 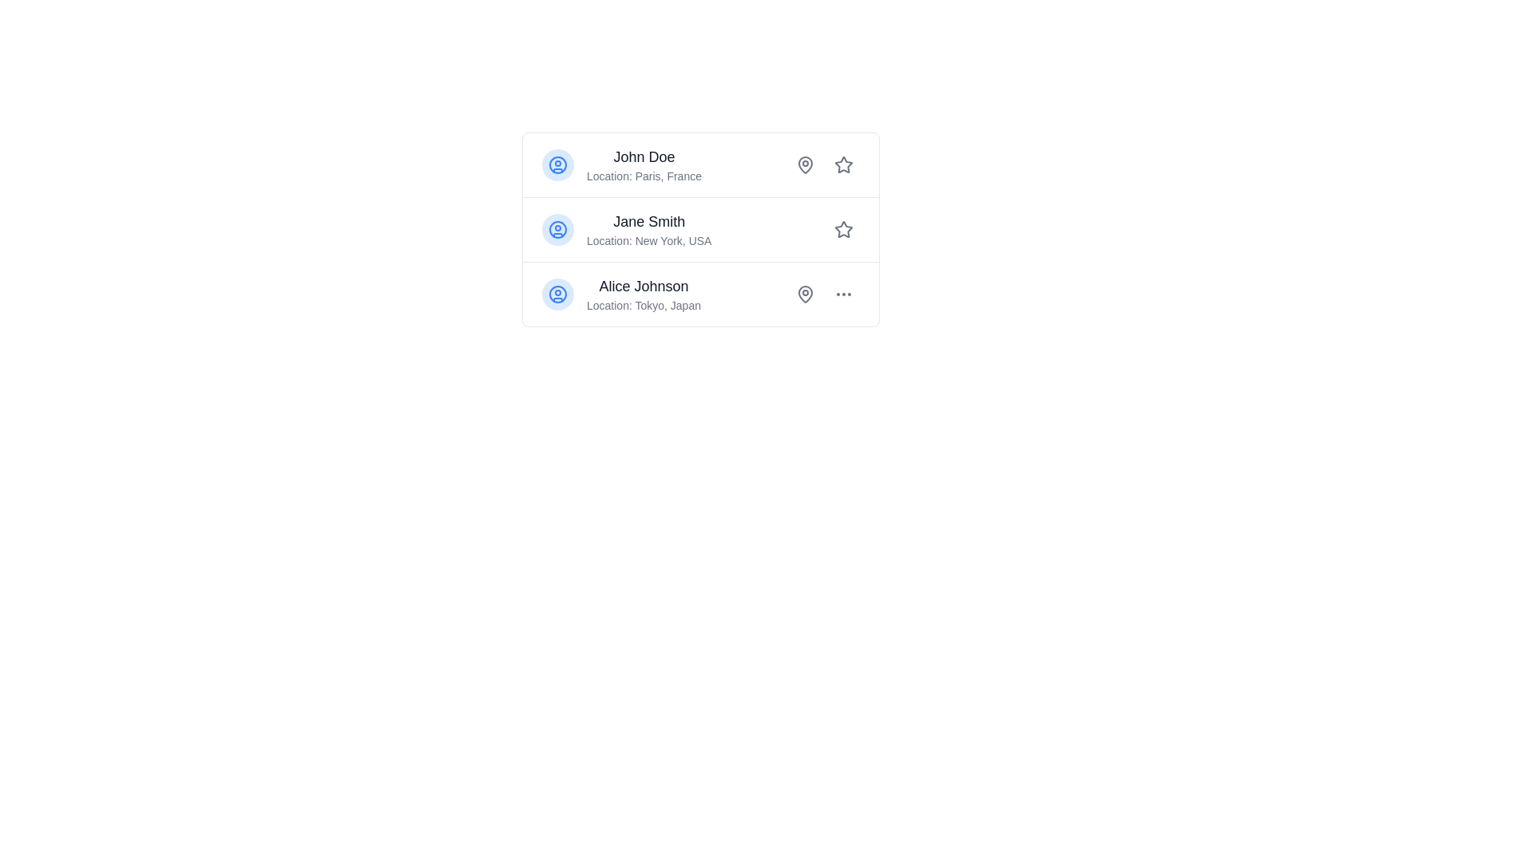 What do you see at coordinates (558, 165) in the screenshot?
I see `the circular shape in the user profile icon for 'John Doe' located at the top-left section of the user information card` at bounding box center [558, 165].